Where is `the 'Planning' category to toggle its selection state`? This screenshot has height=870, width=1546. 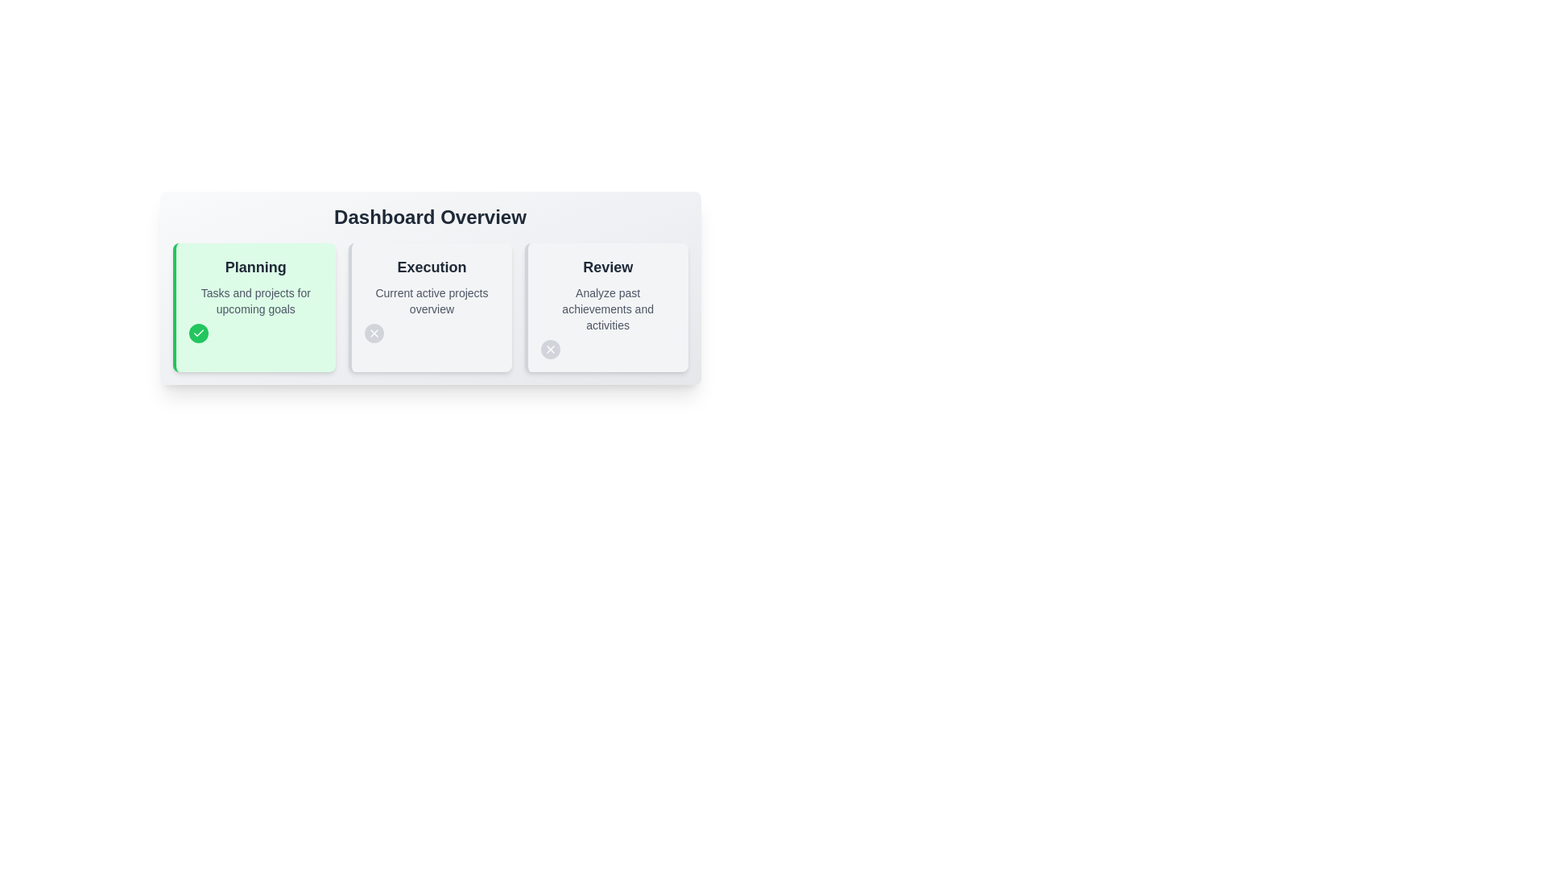 the 'Planning' category to toggle its selection state is located at coordinates (254, 266).